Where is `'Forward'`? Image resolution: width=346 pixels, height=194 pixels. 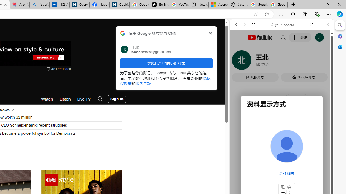 'Forward' is located at coordinates (245, 25).